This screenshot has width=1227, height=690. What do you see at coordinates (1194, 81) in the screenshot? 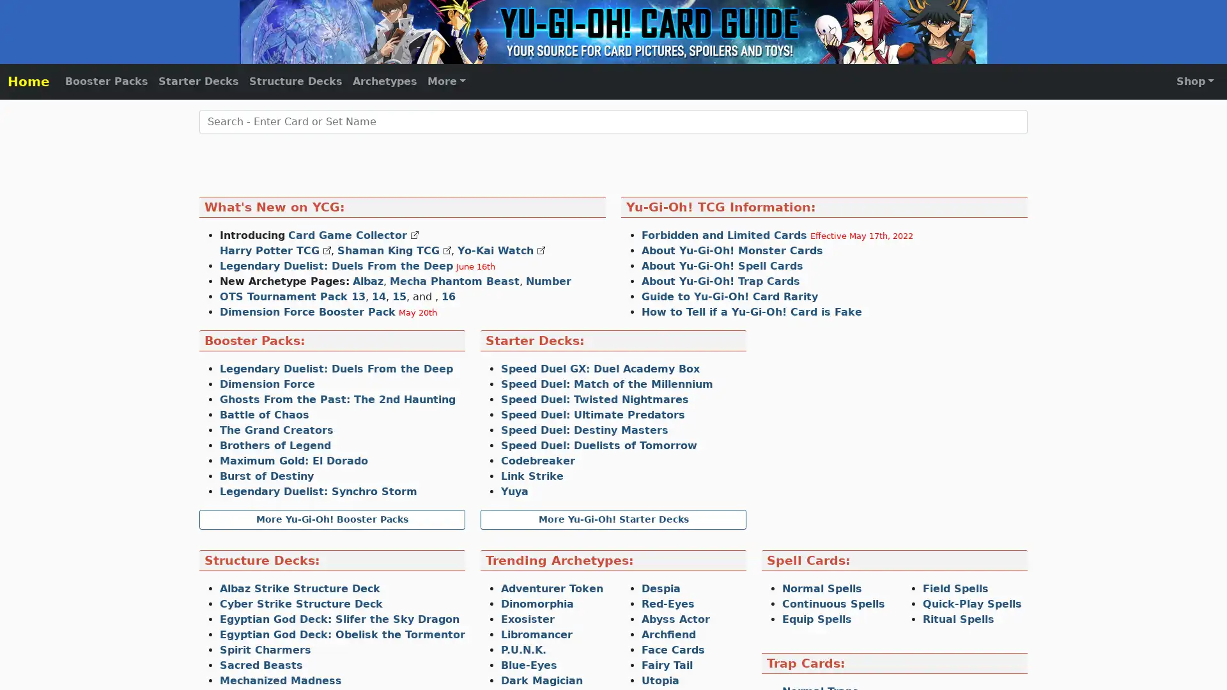
I see `Shop` at bounding box center [1194, 81].